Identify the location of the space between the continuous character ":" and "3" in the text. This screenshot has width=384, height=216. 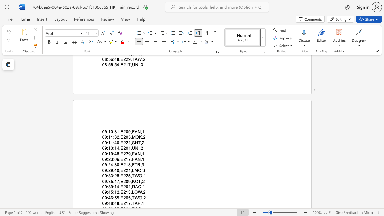
(115, 165).